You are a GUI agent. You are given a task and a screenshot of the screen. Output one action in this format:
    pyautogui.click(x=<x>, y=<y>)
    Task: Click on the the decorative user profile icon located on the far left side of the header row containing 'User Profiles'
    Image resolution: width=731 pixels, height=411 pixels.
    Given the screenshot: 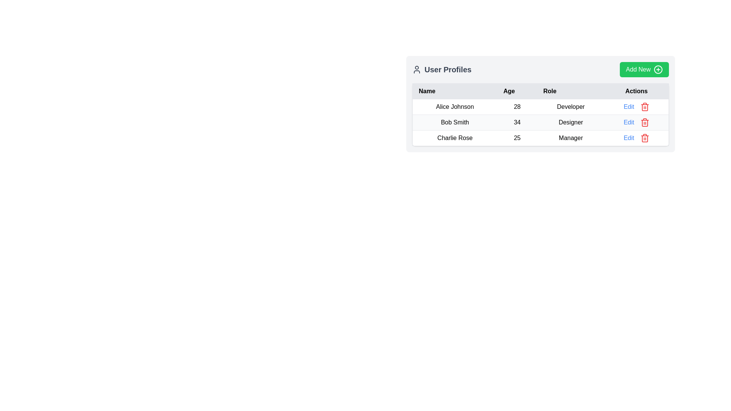 What is the action you would take?
    pyautogui.click(x=416, y=69)
    